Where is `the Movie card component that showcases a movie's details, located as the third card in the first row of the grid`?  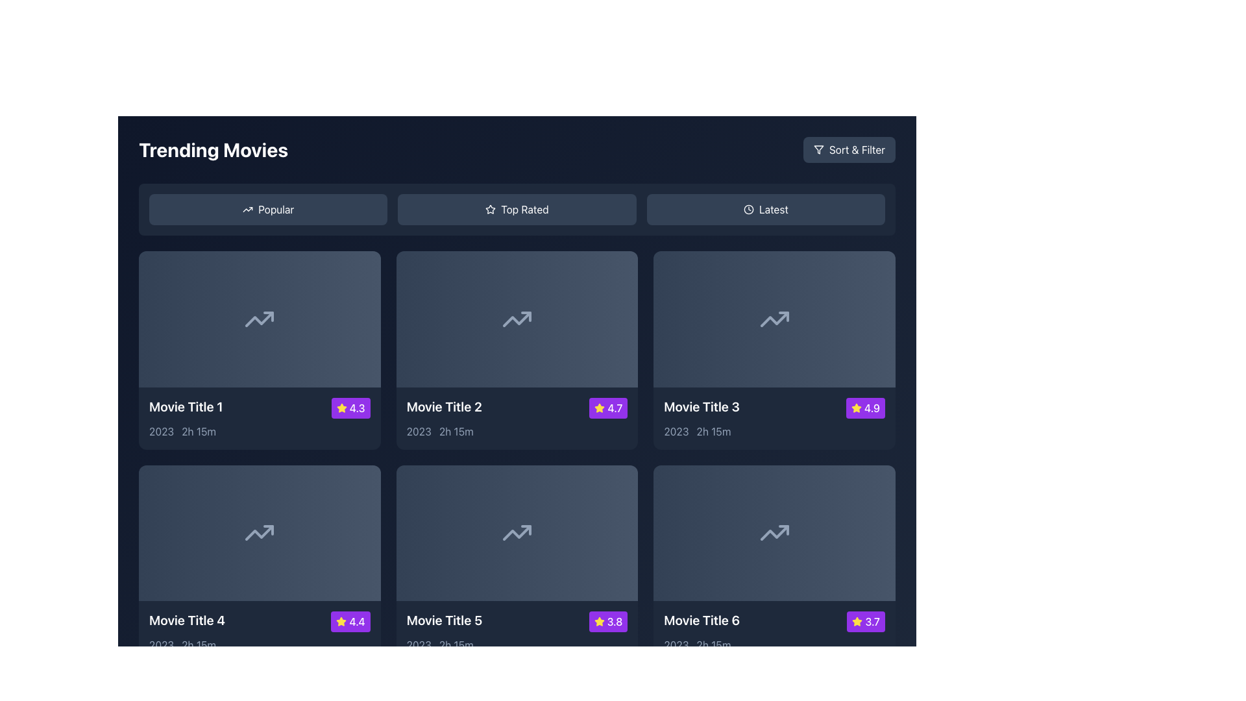 the Movie card component that showcases a movie's details, located as the third card in the first row of the grid is located at coordinates (774, 349).